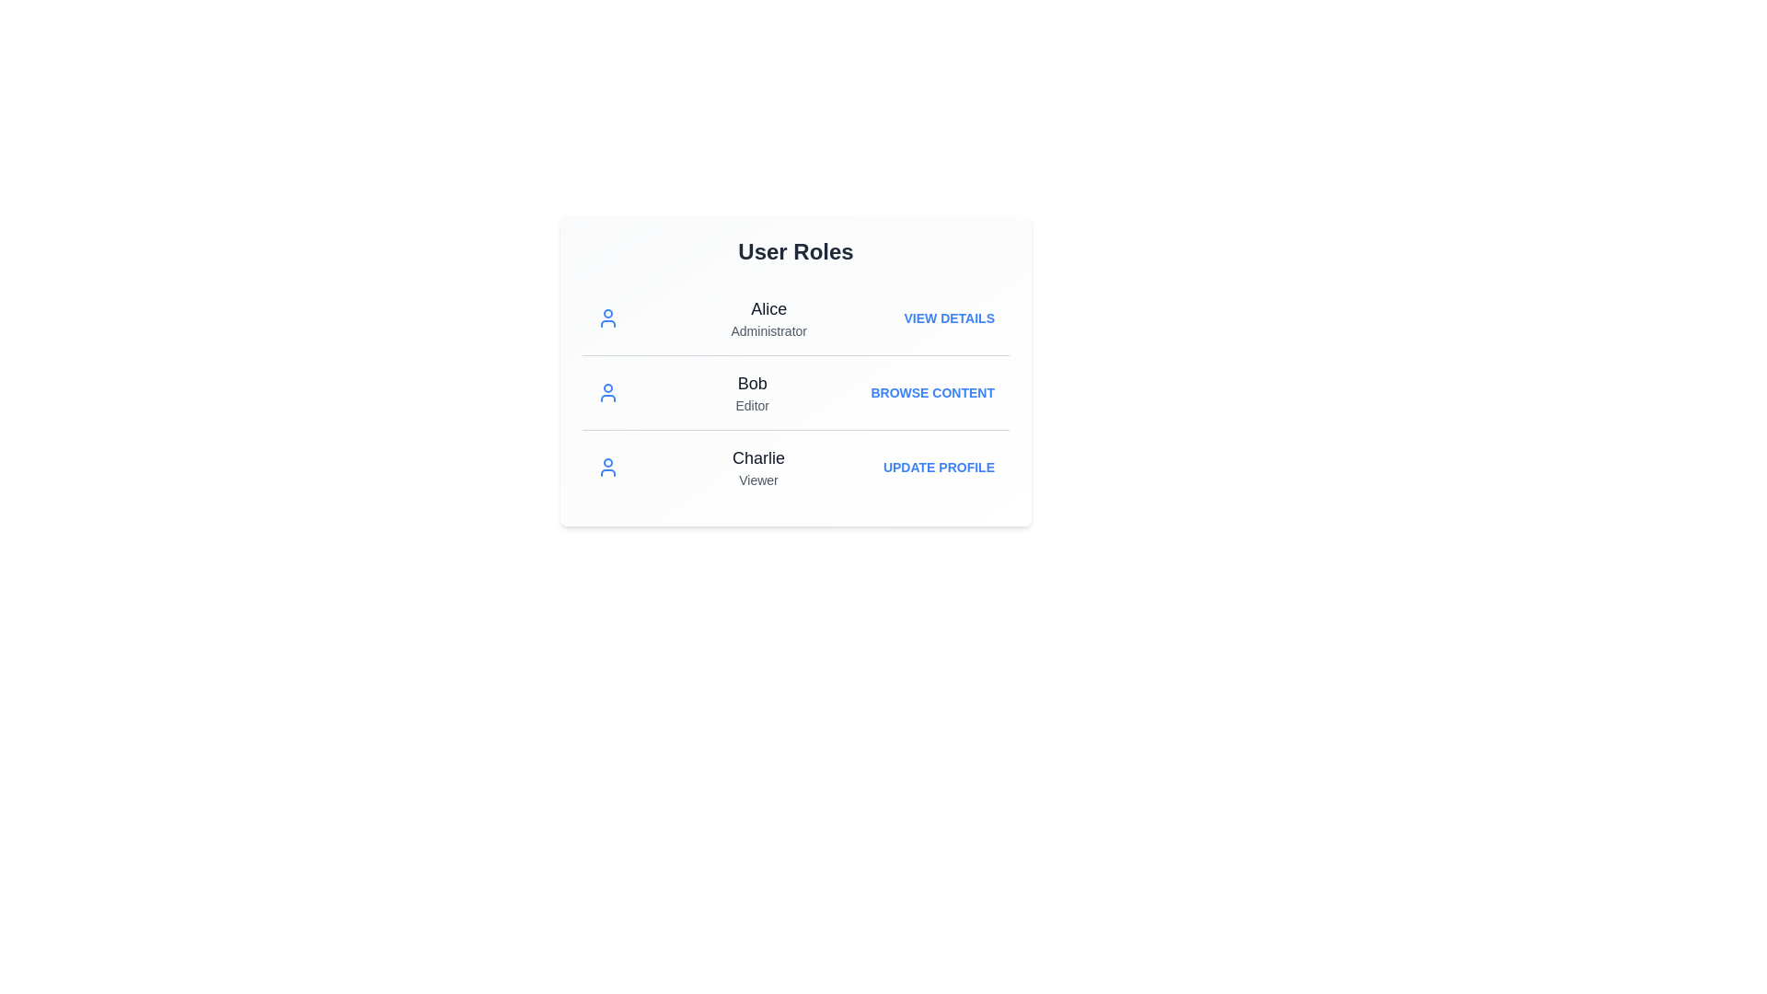  What do you see at coordinates (932, 392) in the screenshot?
I see `the text label styled in uppercase blue font that reads 'BROWSE CONTENT', which is the last visible element in the 'User Roles' table for 'Bob - Editor'` at bounding box center [932, 392].